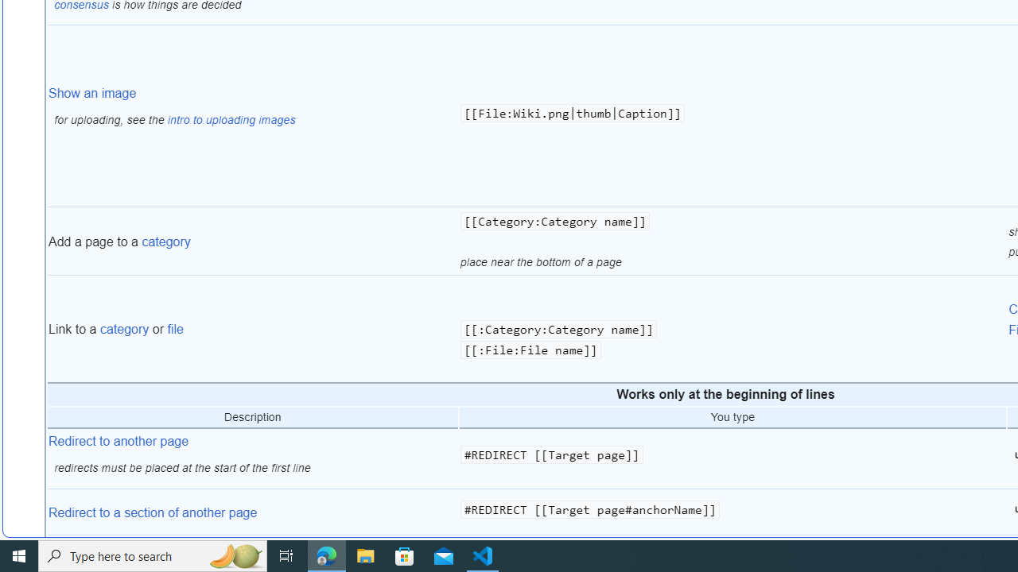 Image resolution: width=1018 pixels, height=572 pixels. I want to click on 'Redirect to another page', so click(118, 440).